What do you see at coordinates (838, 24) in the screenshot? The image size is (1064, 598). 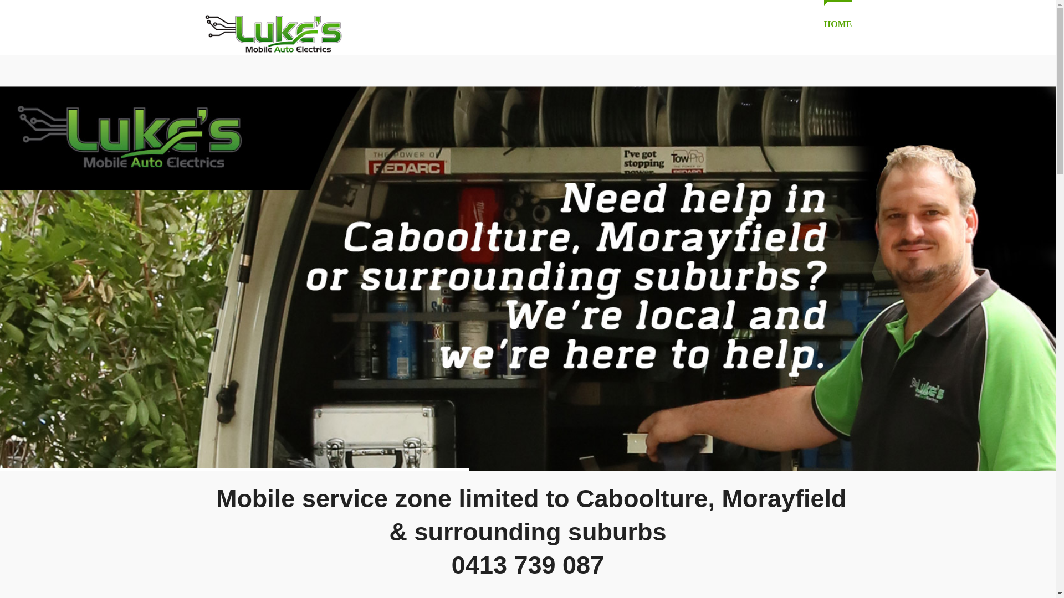 I see `'HOME'` at bounding box center [838, 24].